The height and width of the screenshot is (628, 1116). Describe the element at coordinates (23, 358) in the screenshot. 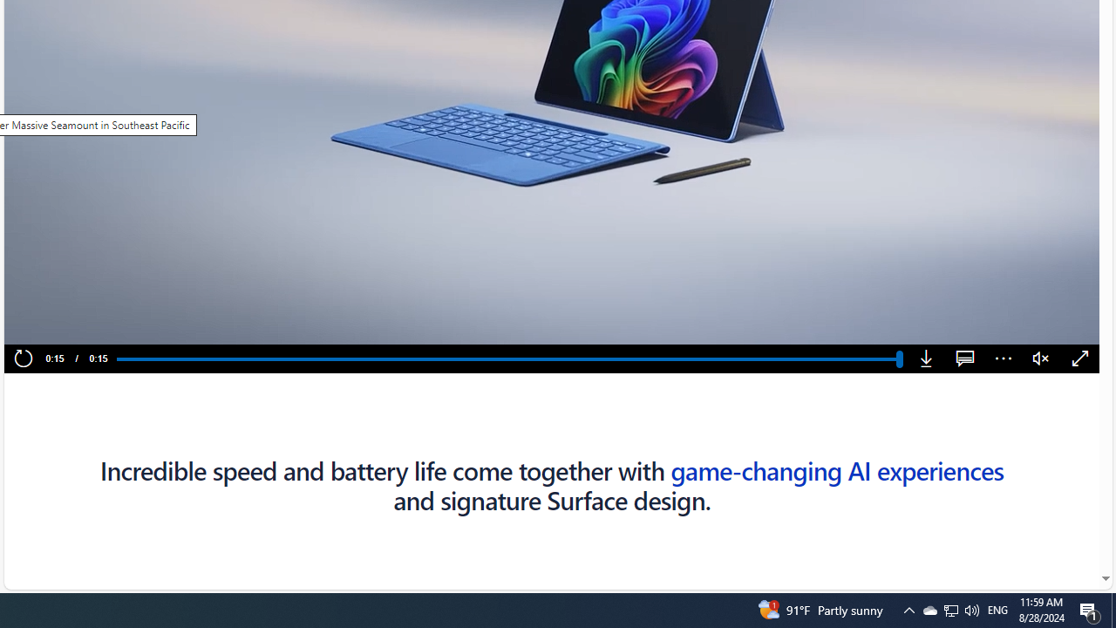

I see `'Replay'` at that location.